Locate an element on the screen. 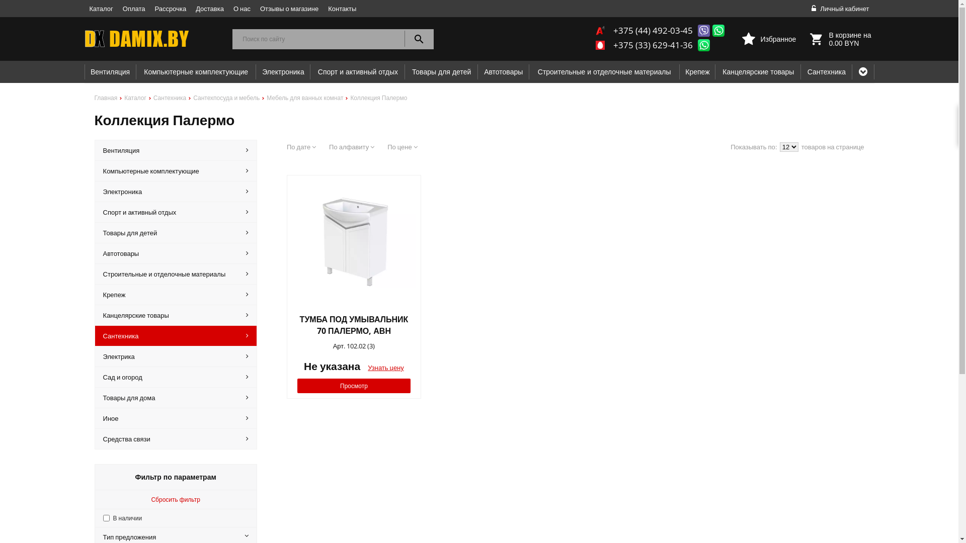 This screenshot has width=966, height=543. 'DX is located at coordinates (153, 38).